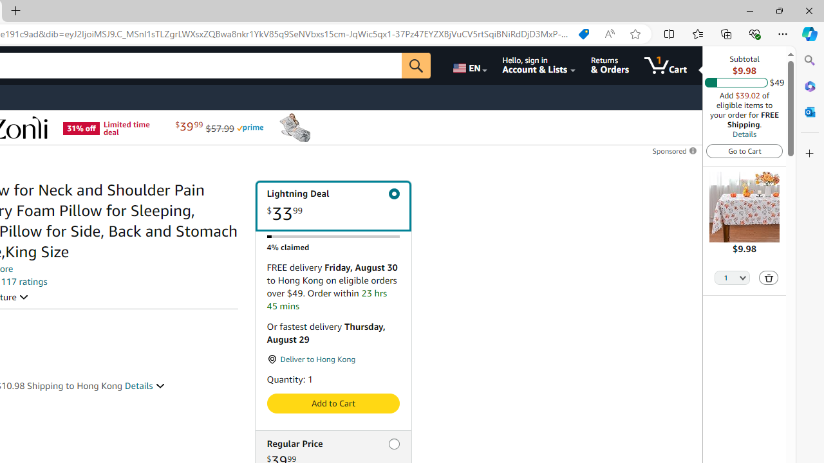 The width and height of the screenshot is (824, 463). Describe the element at coordinates (468, 65) in the screenshot. I see `'Choose a language for shopping.'` at that location.